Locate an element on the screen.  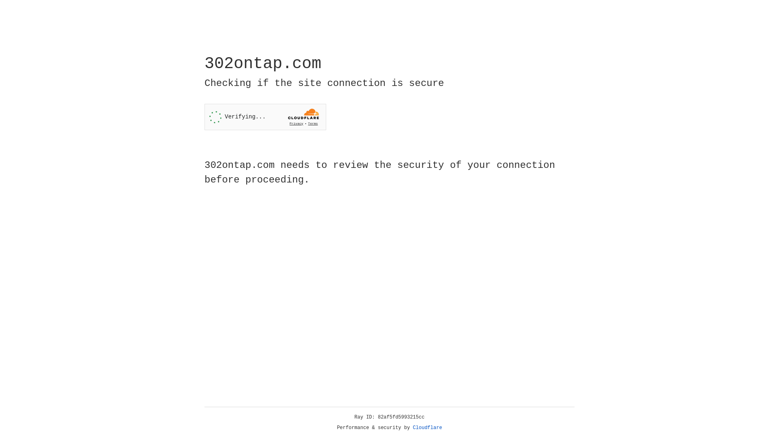
'Widget containing a Cloudflare security challenge' is located at coordinates (265, 117).